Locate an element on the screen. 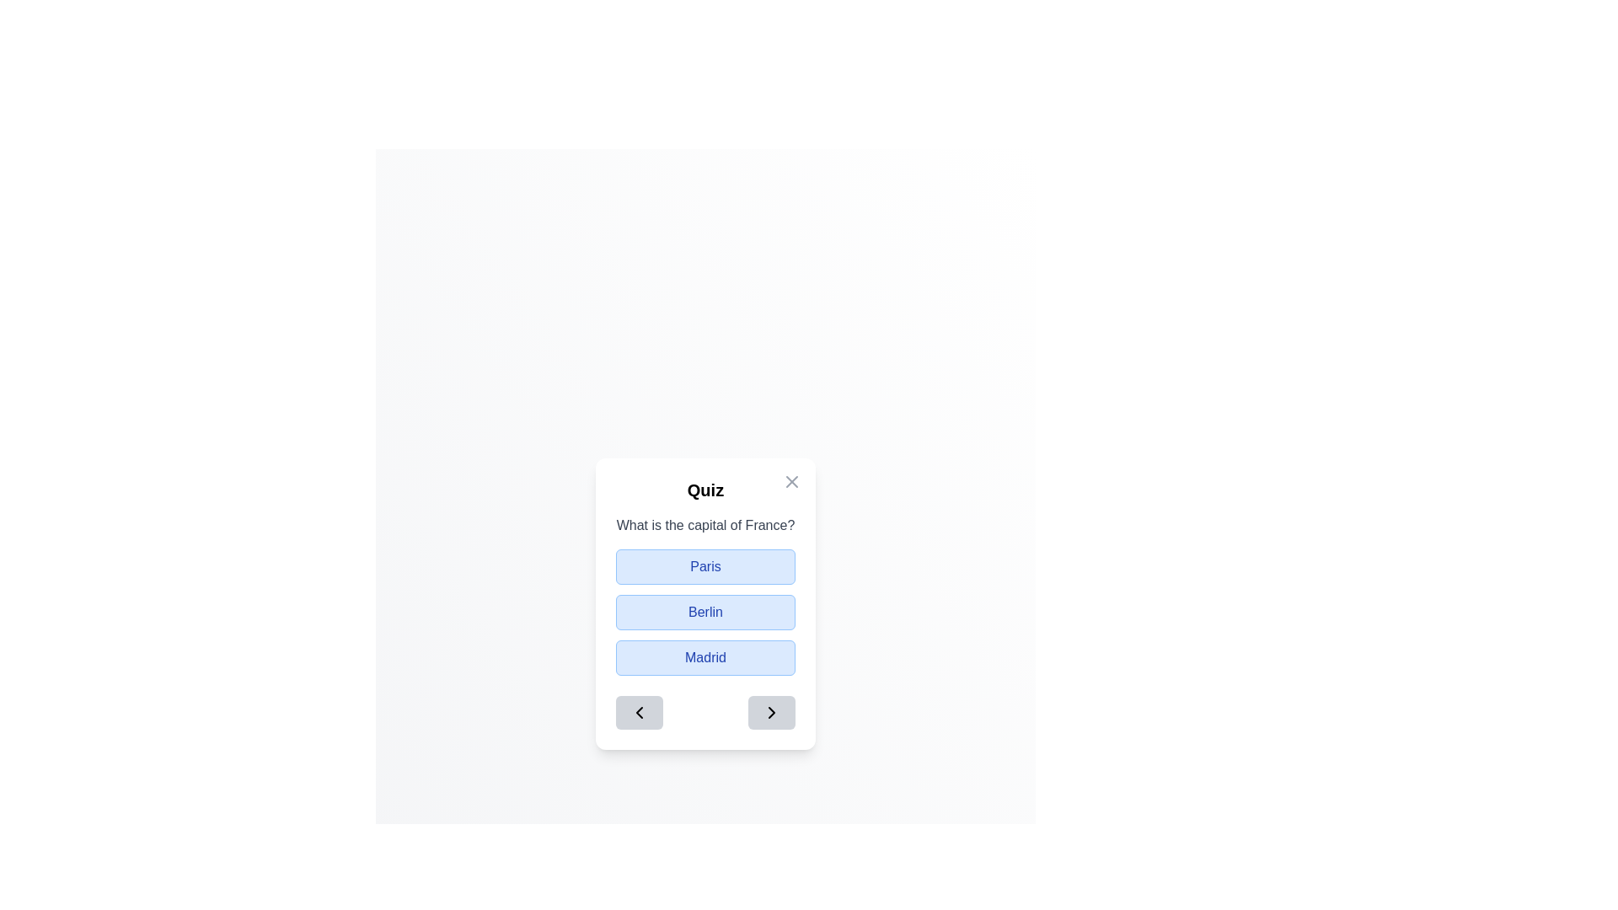 Image resolution: width=1618 pixels, height=910 pixels. the 'Madrid' button located at the bottom of the vertical list of three buttons in the quiz dialog is located at coordinates (705, 656).